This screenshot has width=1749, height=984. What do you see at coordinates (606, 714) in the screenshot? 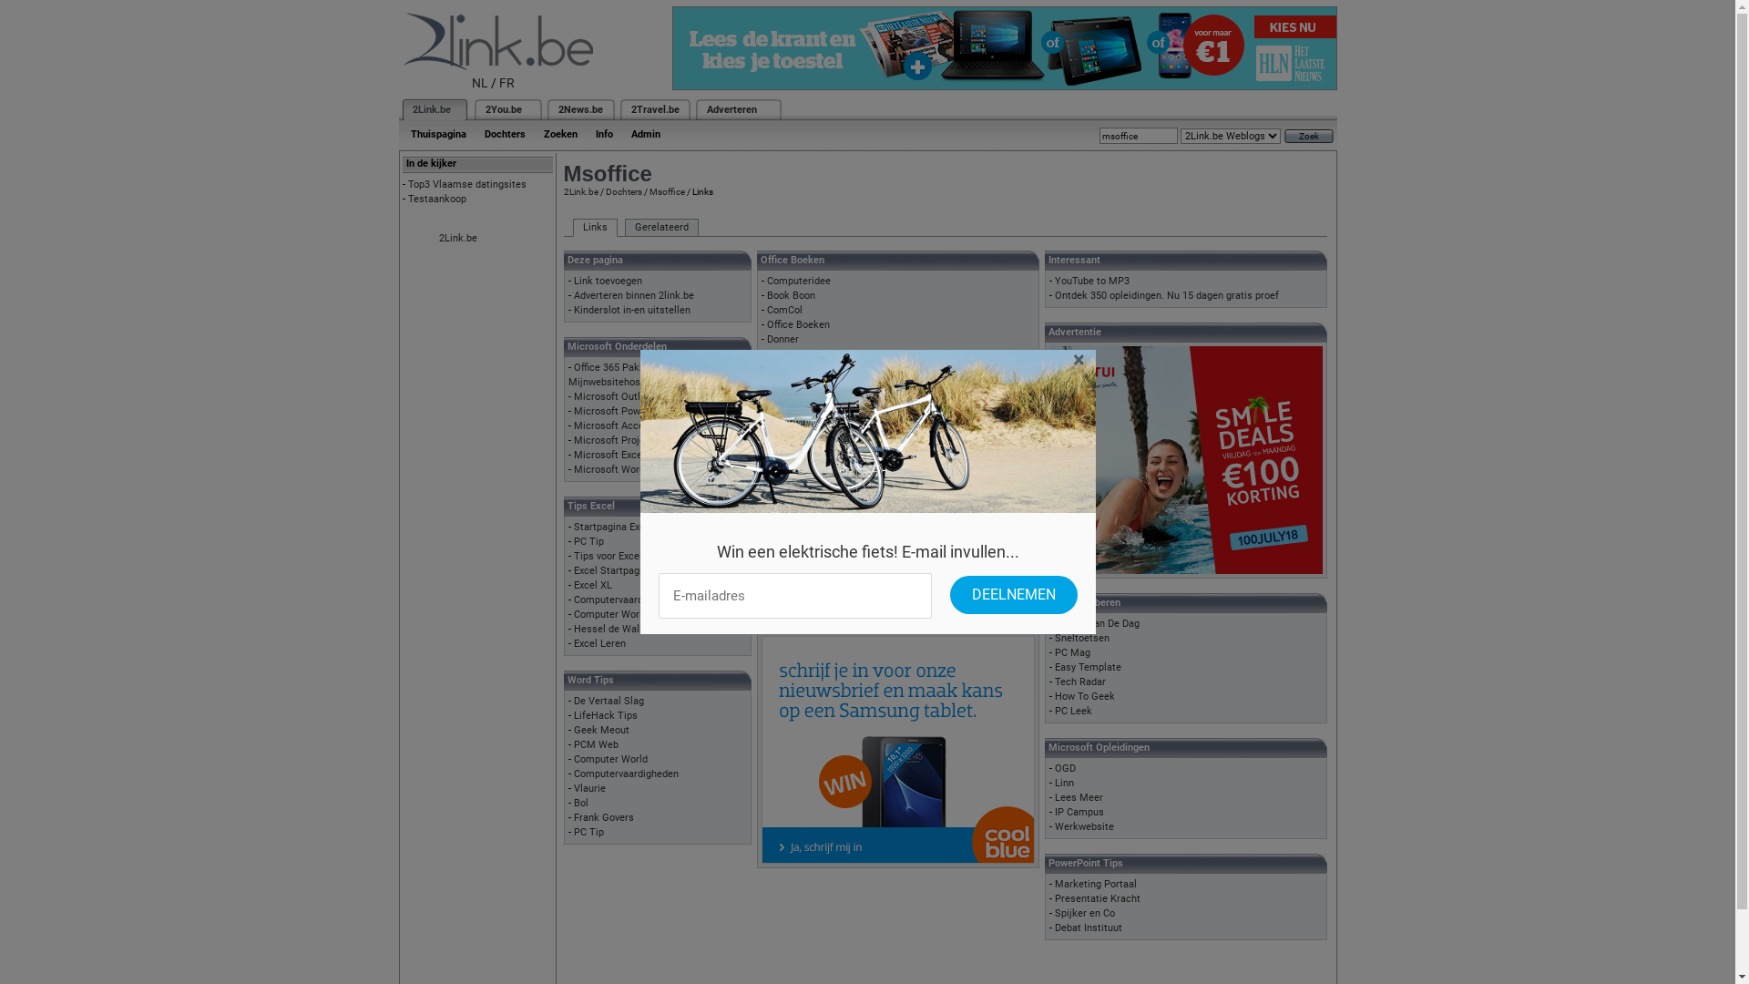
I see `'LifeHack Tips'` at bounding box center [606, 714].